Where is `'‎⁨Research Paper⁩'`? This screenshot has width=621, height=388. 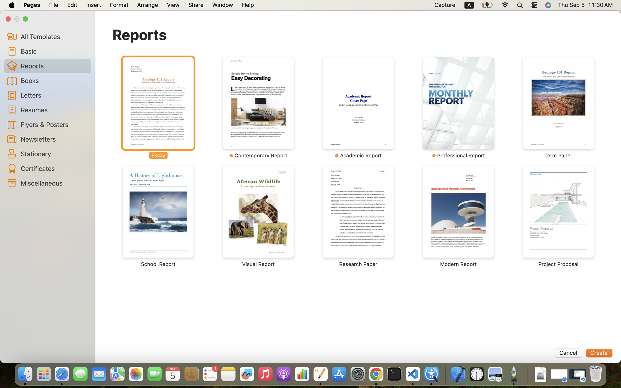
'‎⁨Research Paper⁩' is located at coordinates (358, 216).